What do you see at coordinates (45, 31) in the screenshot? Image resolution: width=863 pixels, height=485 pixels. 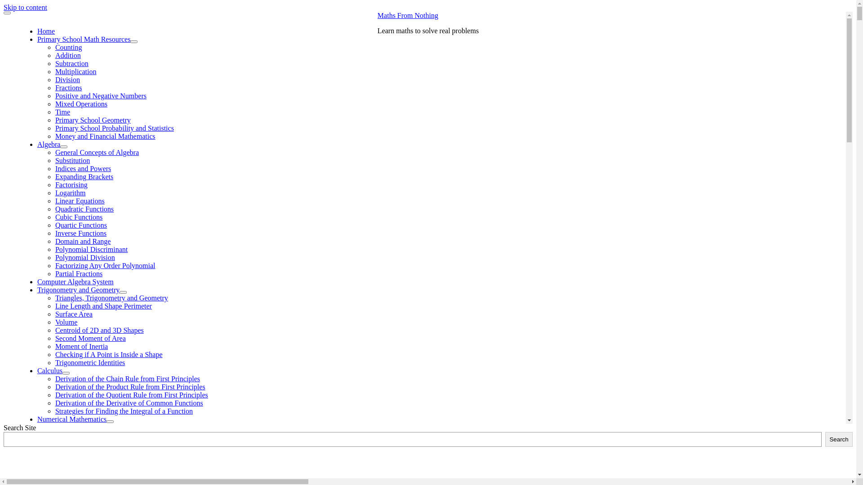 I see `'Home'` at bounding box center [45, 31].